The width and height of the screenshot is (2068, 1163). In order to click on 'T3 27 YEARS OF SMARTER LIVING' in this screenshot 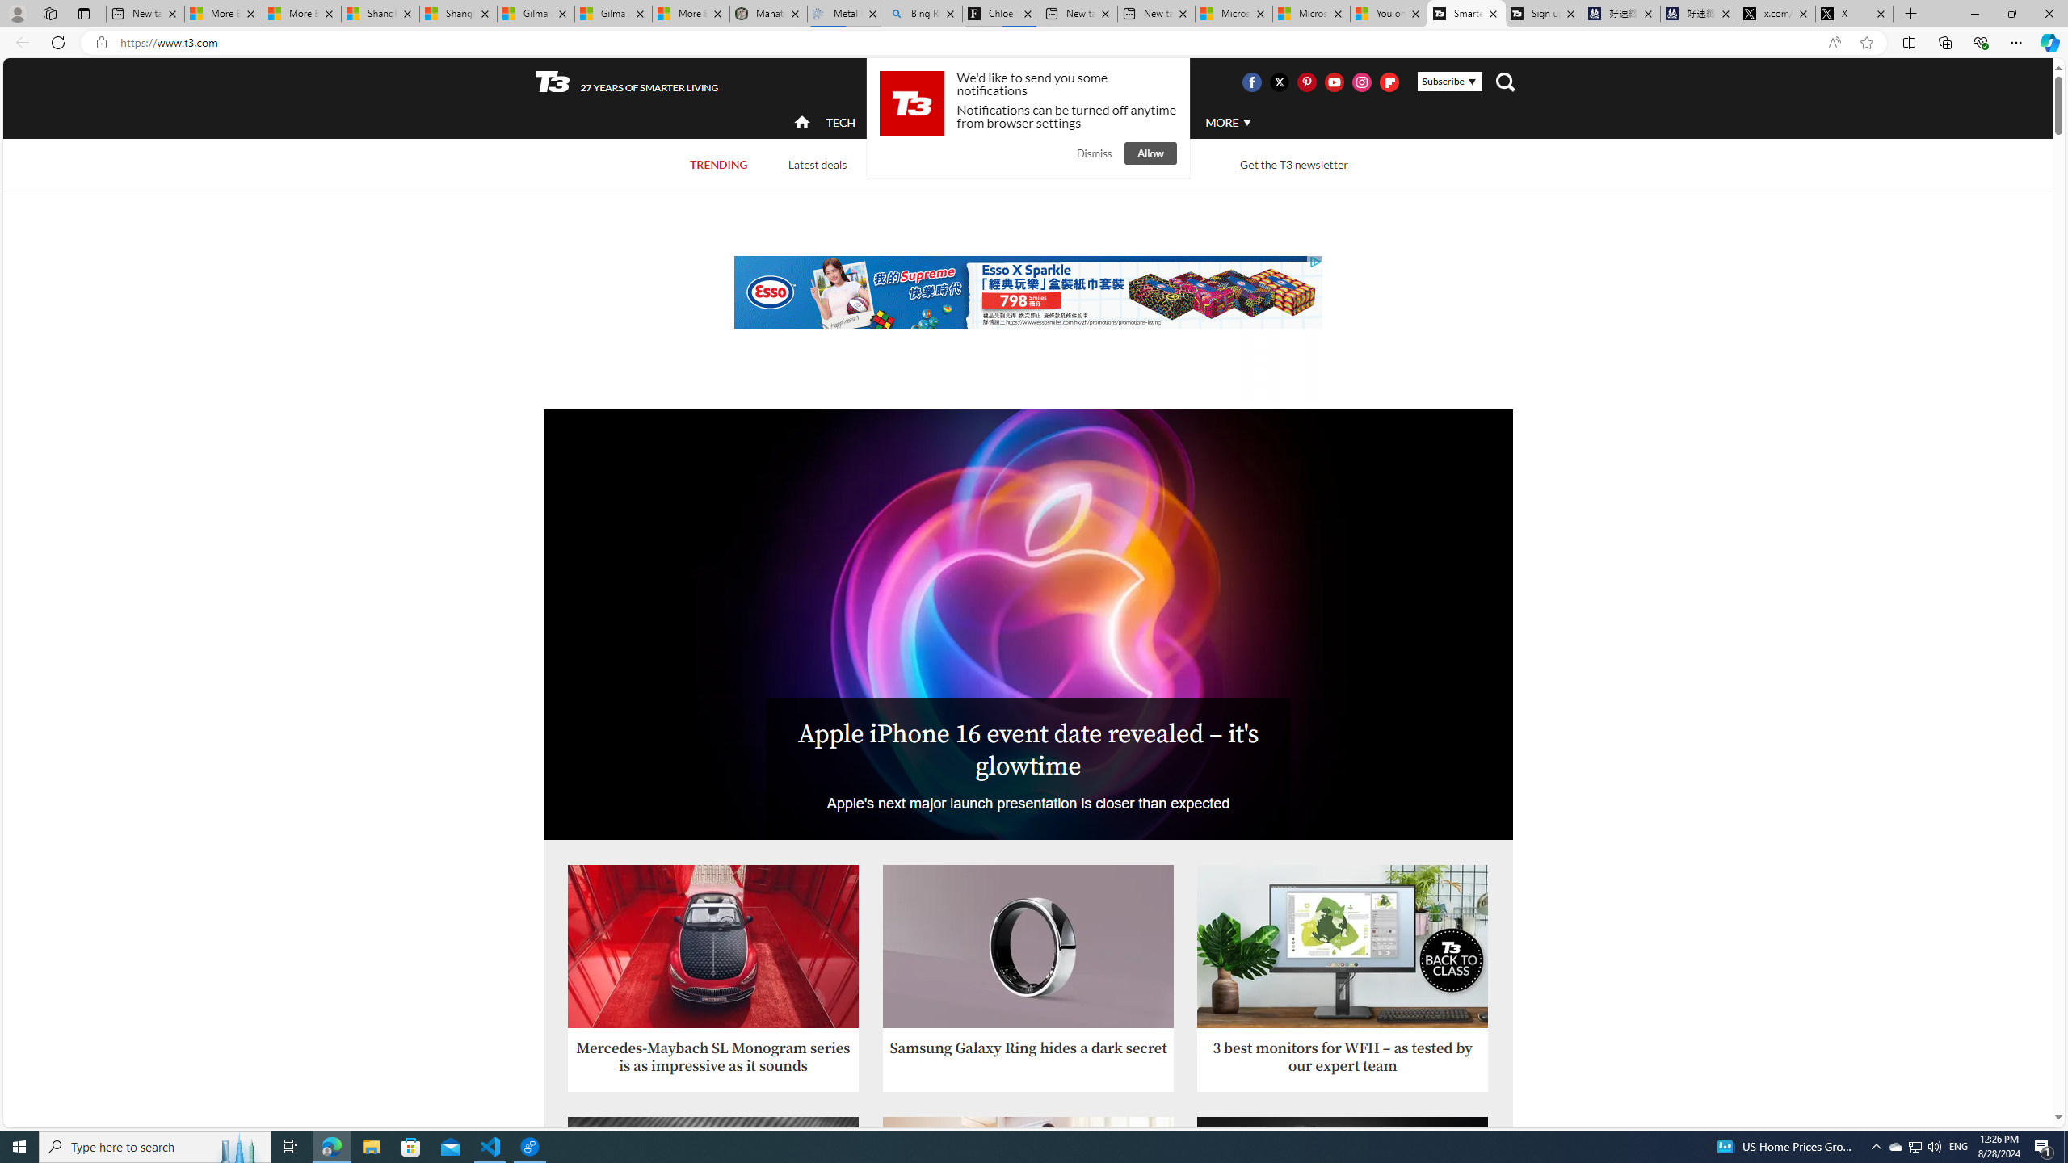, I will do `click(626, 82)`.